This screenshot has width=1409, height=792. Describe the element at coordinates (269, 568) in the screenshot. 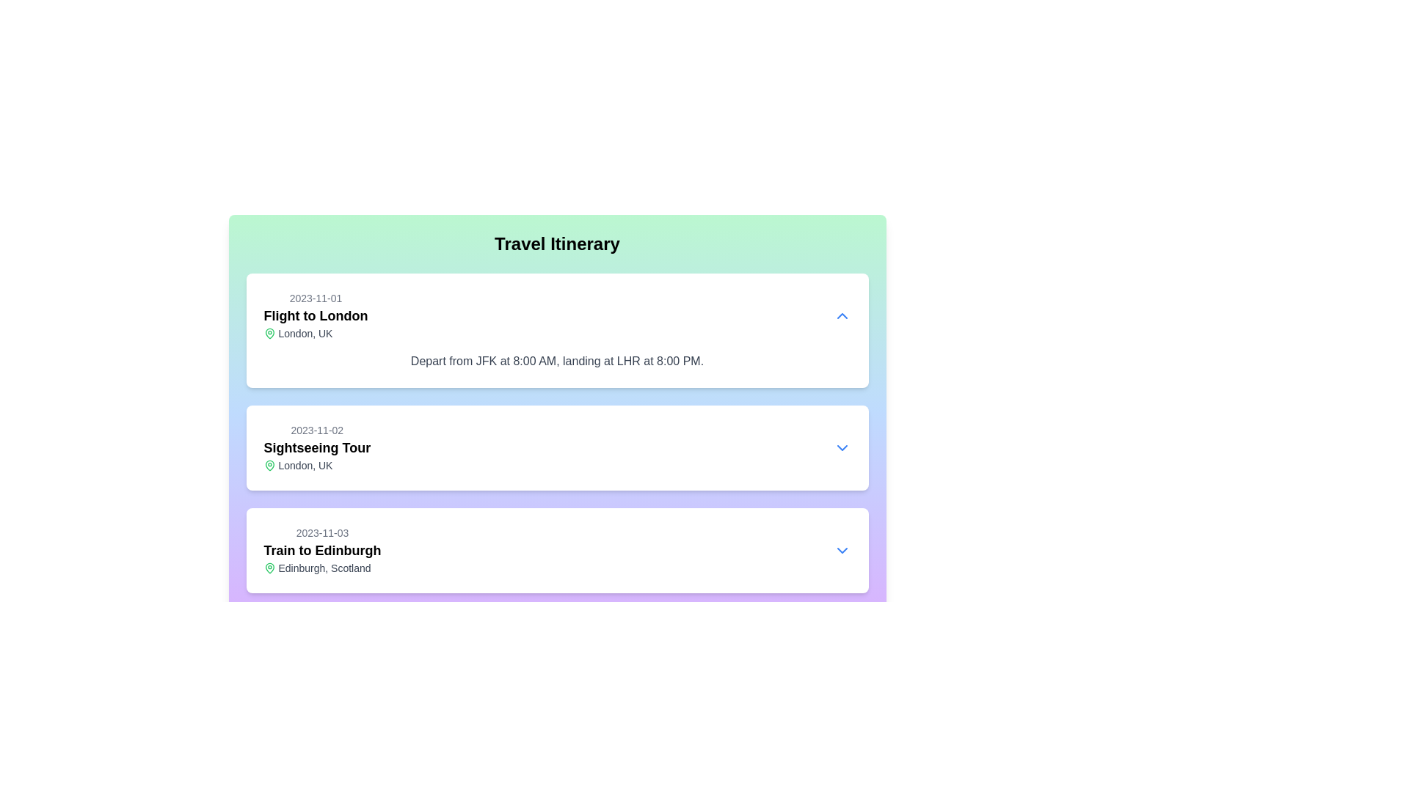

I see `the location pin SVG icon with a green stroke, located to the left of the text 'Edinburgh, Scotland'` at that location.